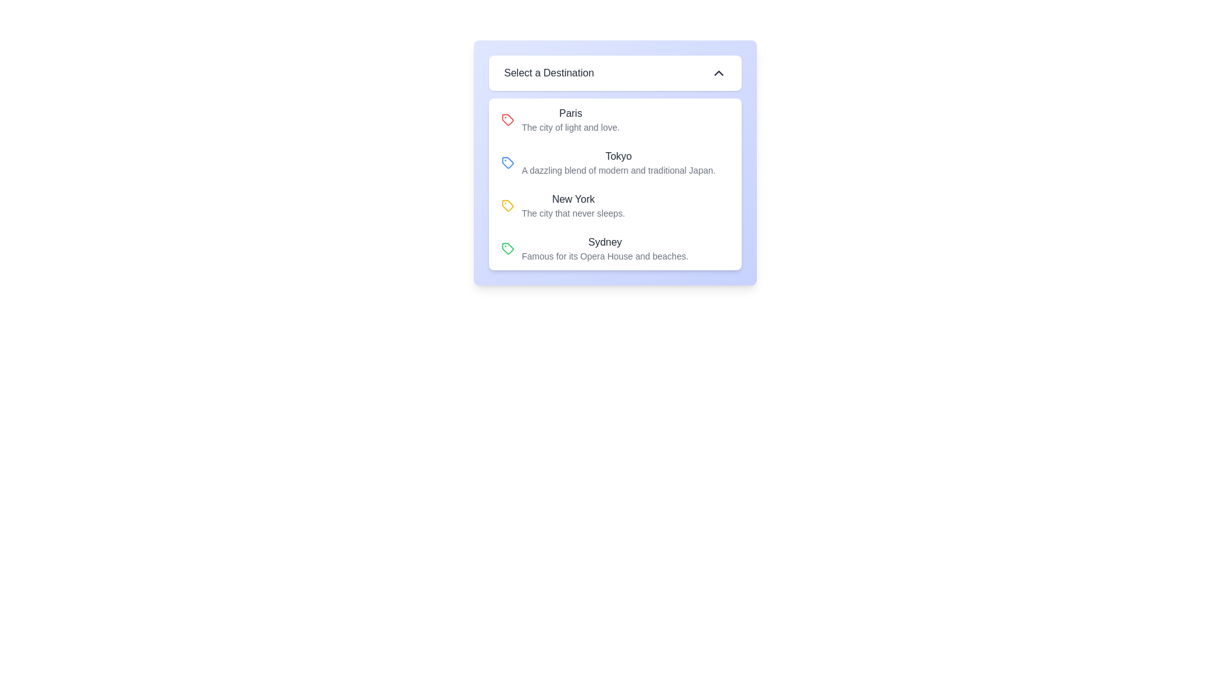 This screenshot has height=682, width=1213. I want to click on the second item in the list with the headline 'Tokyo', so click(615, 162).